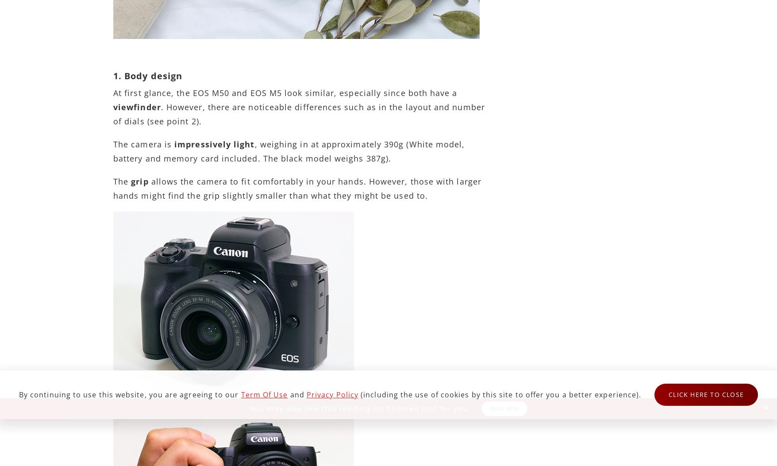 This screenshot has height=466, width=777. Describe the element at coordinates (241, 394) in the screenshot. I see `'Term of Use'` at that location.